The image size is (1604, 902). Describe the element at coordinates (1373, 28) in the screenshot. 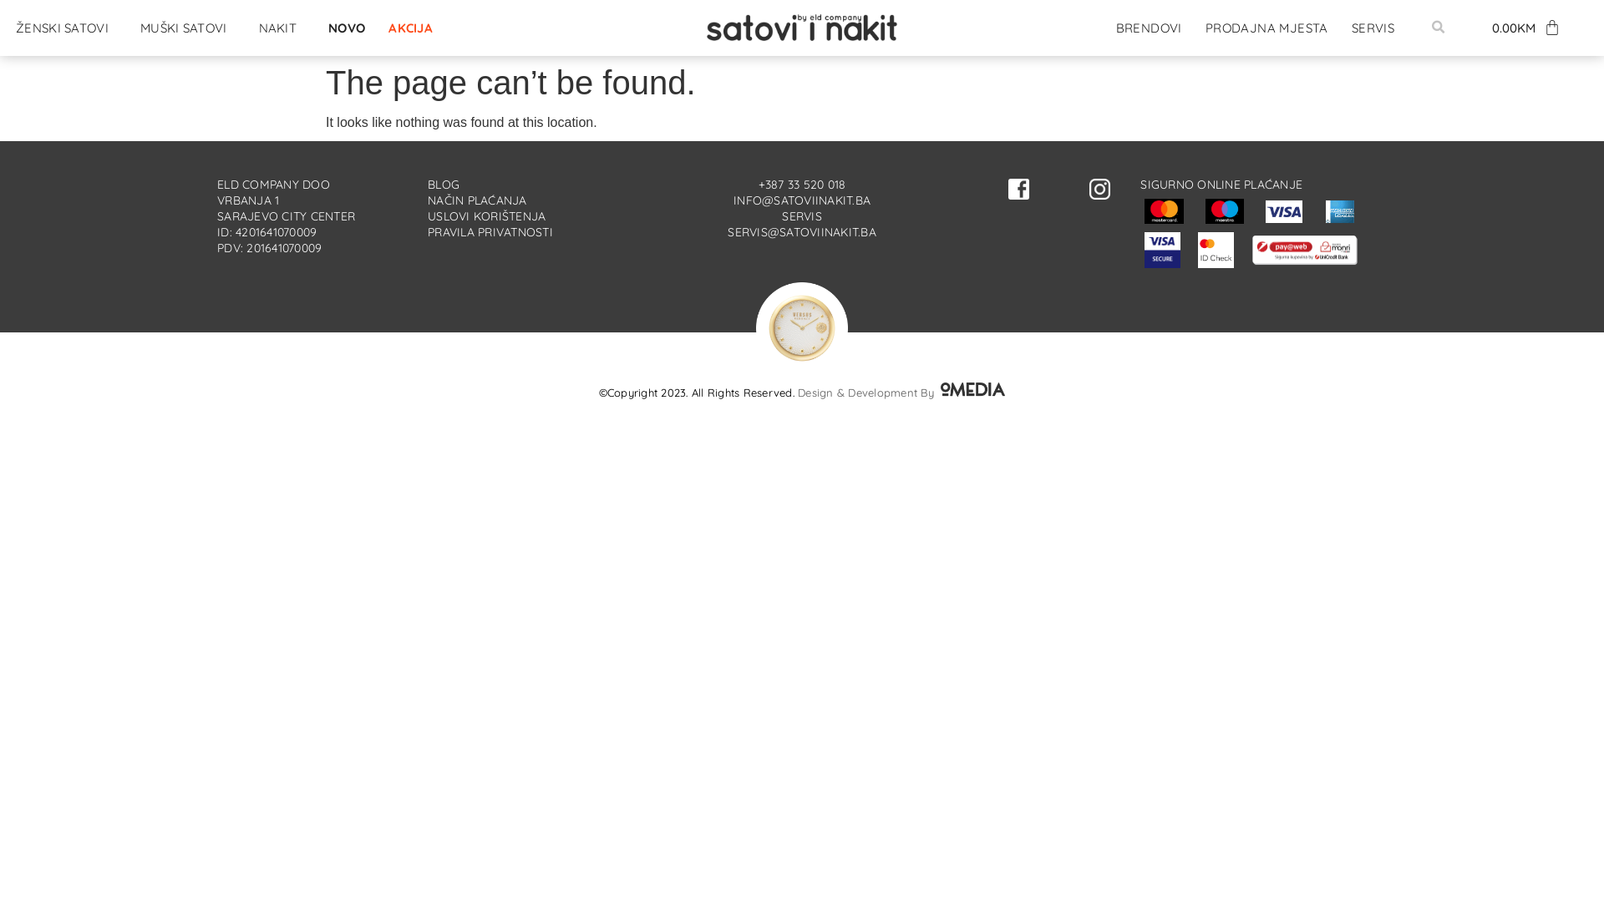

I see `'SERVIS'` at that location.